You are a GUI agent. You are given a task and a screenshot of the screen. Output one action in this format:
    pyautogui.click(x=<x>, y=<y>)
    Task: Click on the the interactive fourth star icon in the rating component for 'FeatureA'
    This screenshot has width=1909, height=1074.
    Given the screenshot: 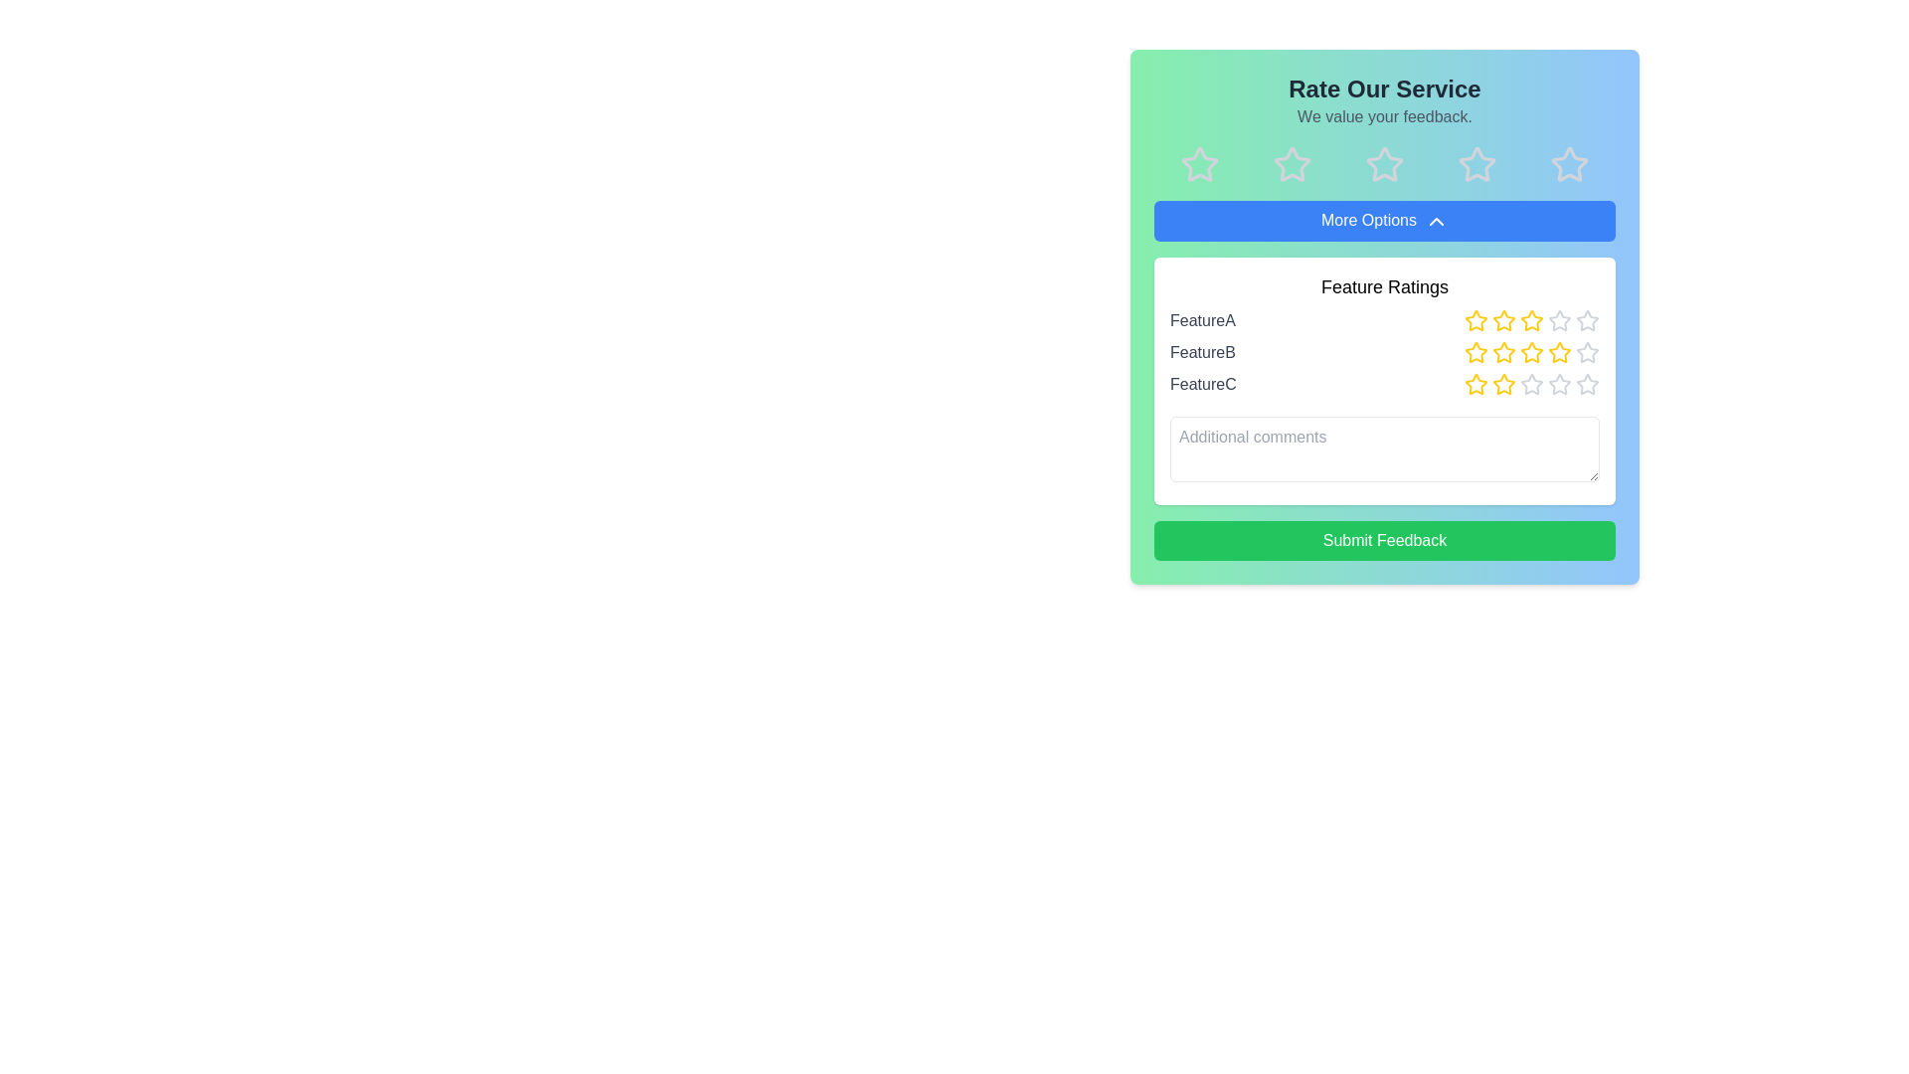 What is the action you would take?
    pyautogui.click(x=1530, y=319)
    